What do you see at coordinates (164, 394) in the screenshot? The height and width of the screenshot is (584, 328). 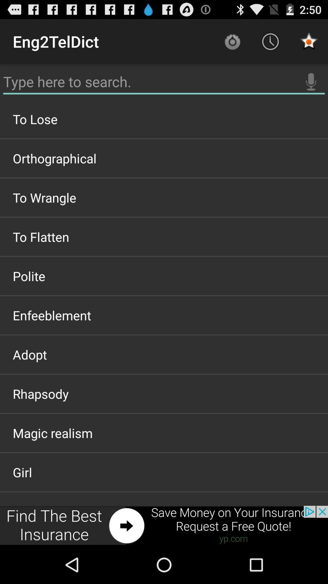 I see `rhapsody item` at bounding box center [164, 394].